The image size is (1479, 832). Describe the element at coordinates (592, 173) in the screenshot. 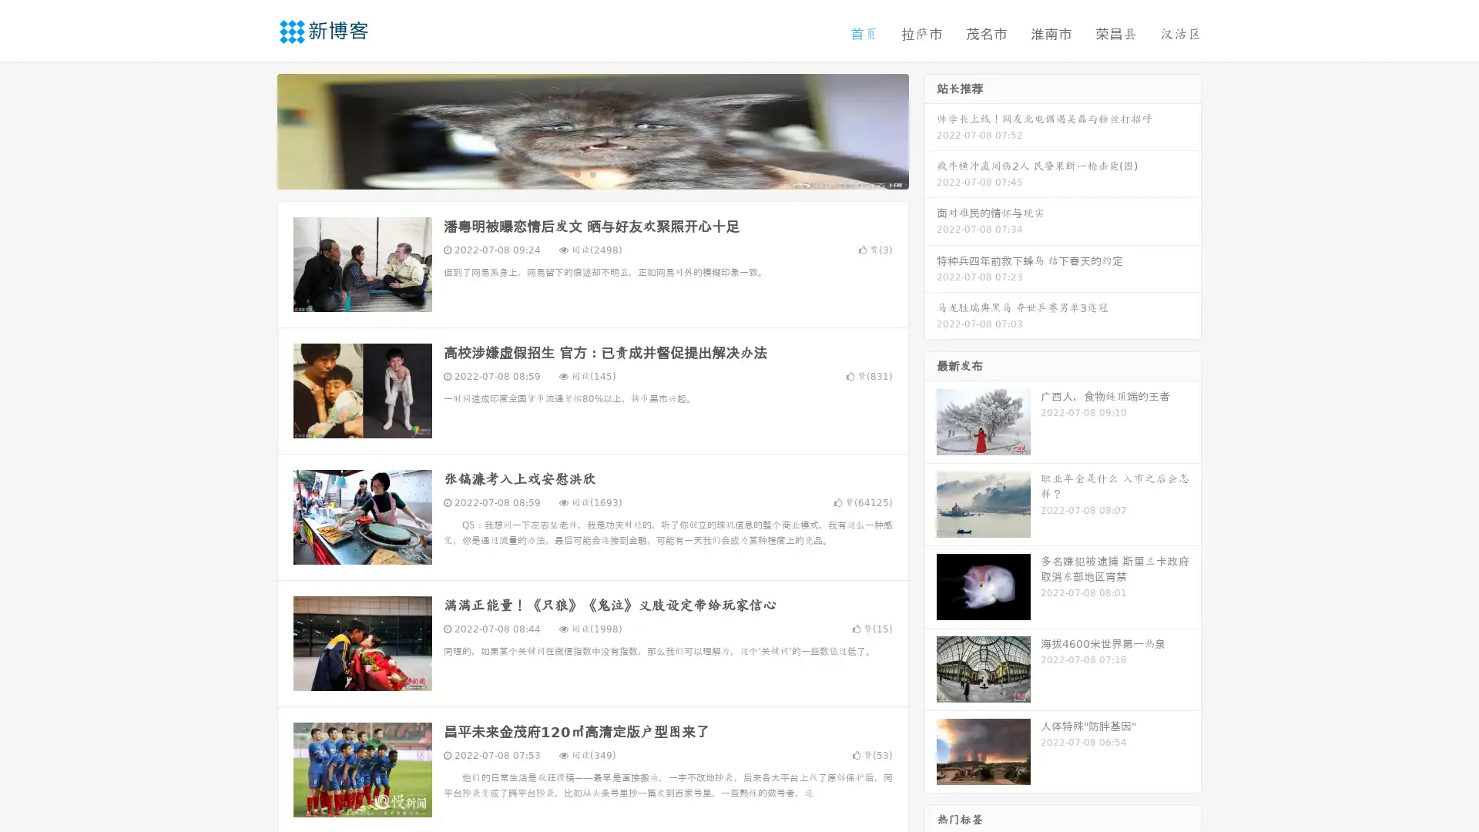

I see `Go to slide 2` at that location.